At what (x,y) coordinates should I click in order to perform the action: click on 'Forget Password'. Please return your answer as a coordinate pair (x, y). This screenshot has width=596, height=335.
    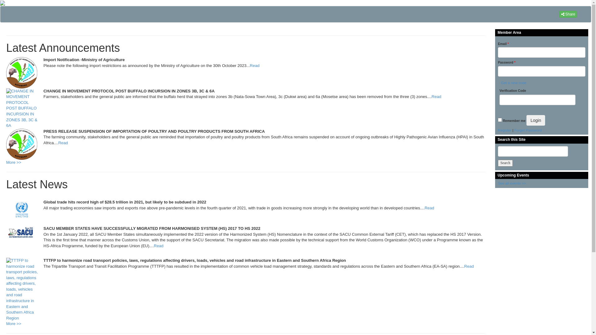
    Looking at the image, I should click on (527, 130).